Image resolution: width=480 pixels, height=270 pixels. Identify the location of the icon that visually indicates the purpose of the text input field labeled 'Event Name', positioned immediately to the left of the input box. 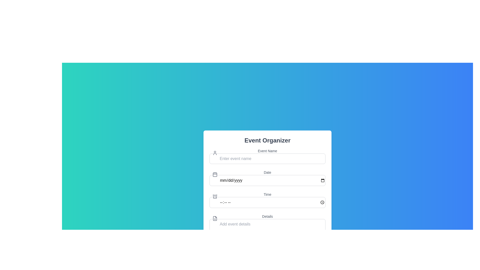
(215, 152).